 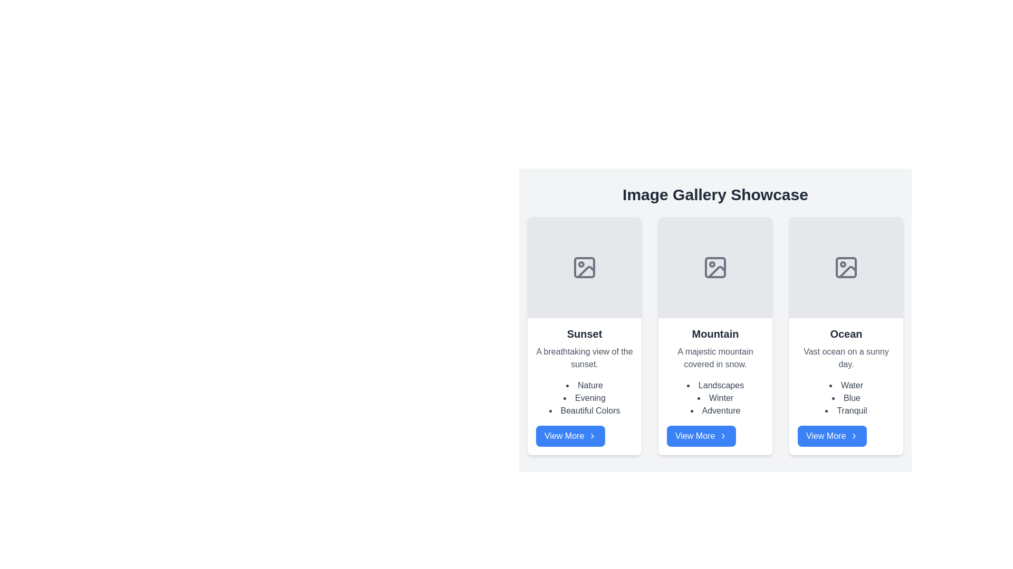 What do you see at coordinates (715, 267) in the screenshot?
I see `the rectangular shape with rounded corners located inside the picture frame icon in the middle card labeled 'Mountain' in the gallery` at bounding box center [715, 267].